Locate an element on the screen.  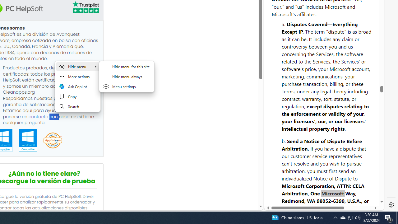
'Windows 10 Compatible' is located at coordinates (27, 140).